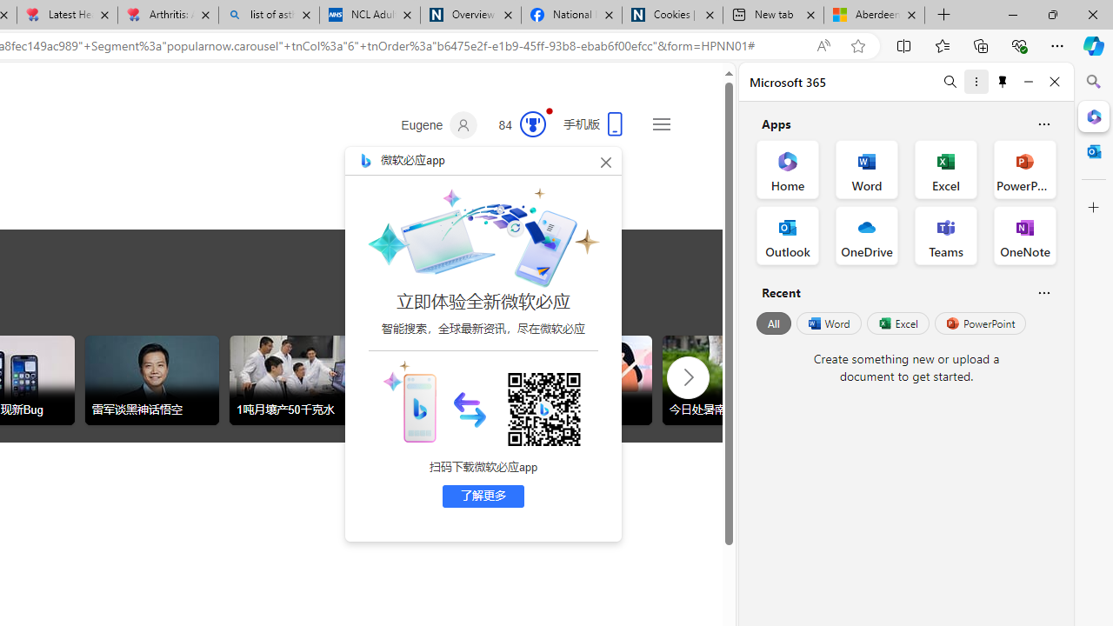 The height and width of the screenshot is (626, 1113). I want to click on 'Microsoft Rewards 84', so click(516, 124).